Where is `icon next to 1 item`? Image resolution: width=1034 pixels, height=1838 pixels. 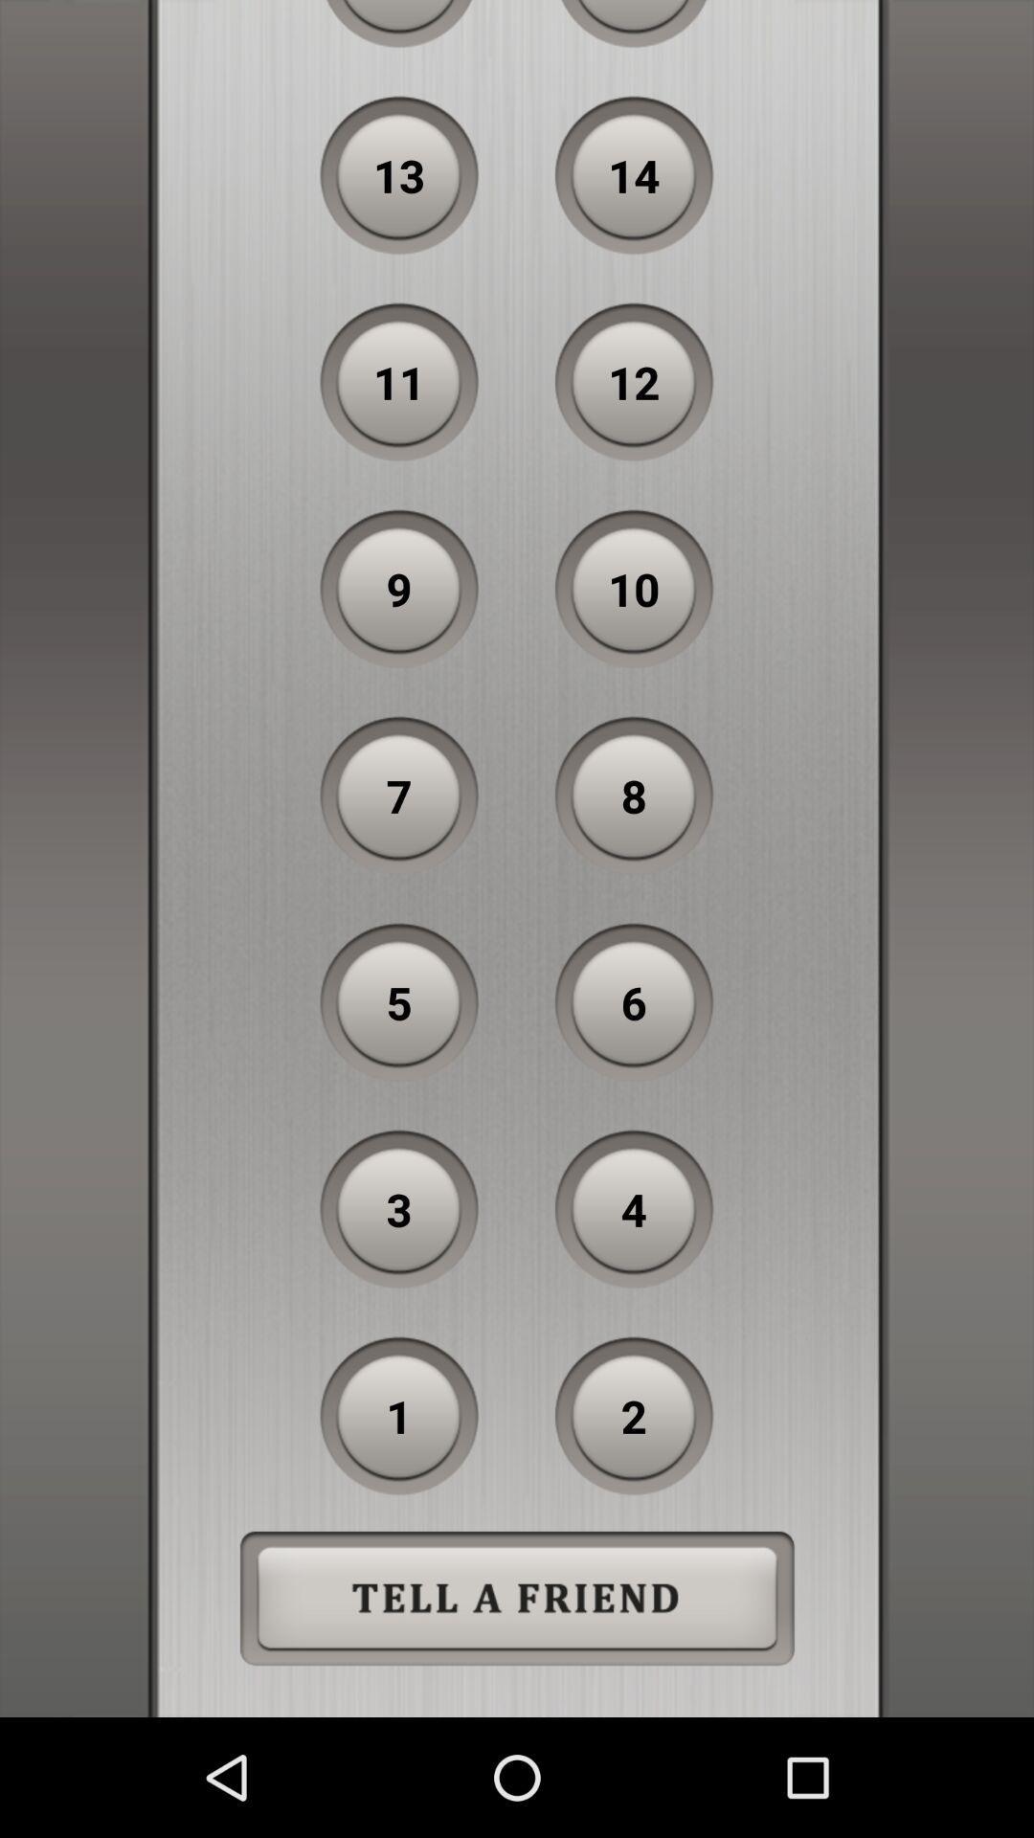 icon next to 1 item is located at coordinates (634, 1416).